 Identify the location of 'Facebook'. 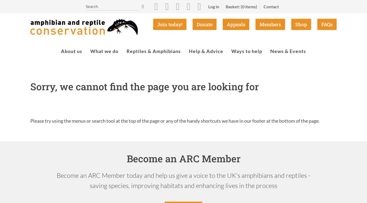
(156, 22).